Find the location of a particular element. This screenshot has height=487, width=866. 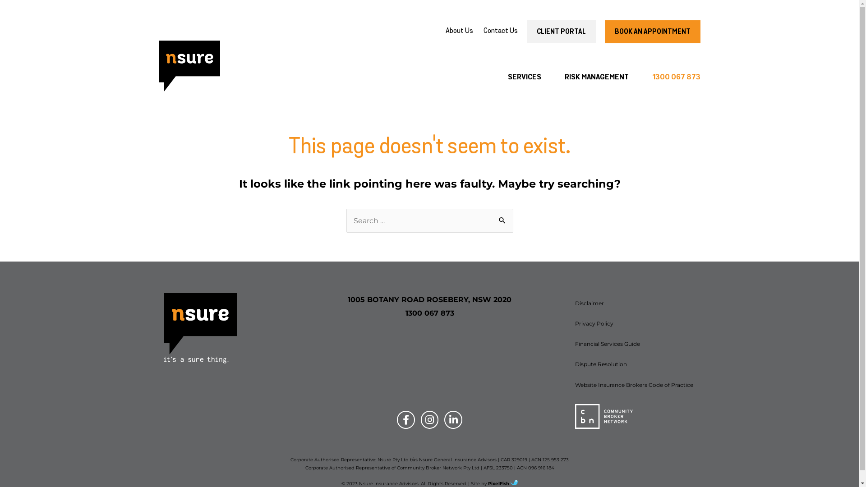

'BOOK AN APPOINTMENT' is located at coordinates (652, 31).